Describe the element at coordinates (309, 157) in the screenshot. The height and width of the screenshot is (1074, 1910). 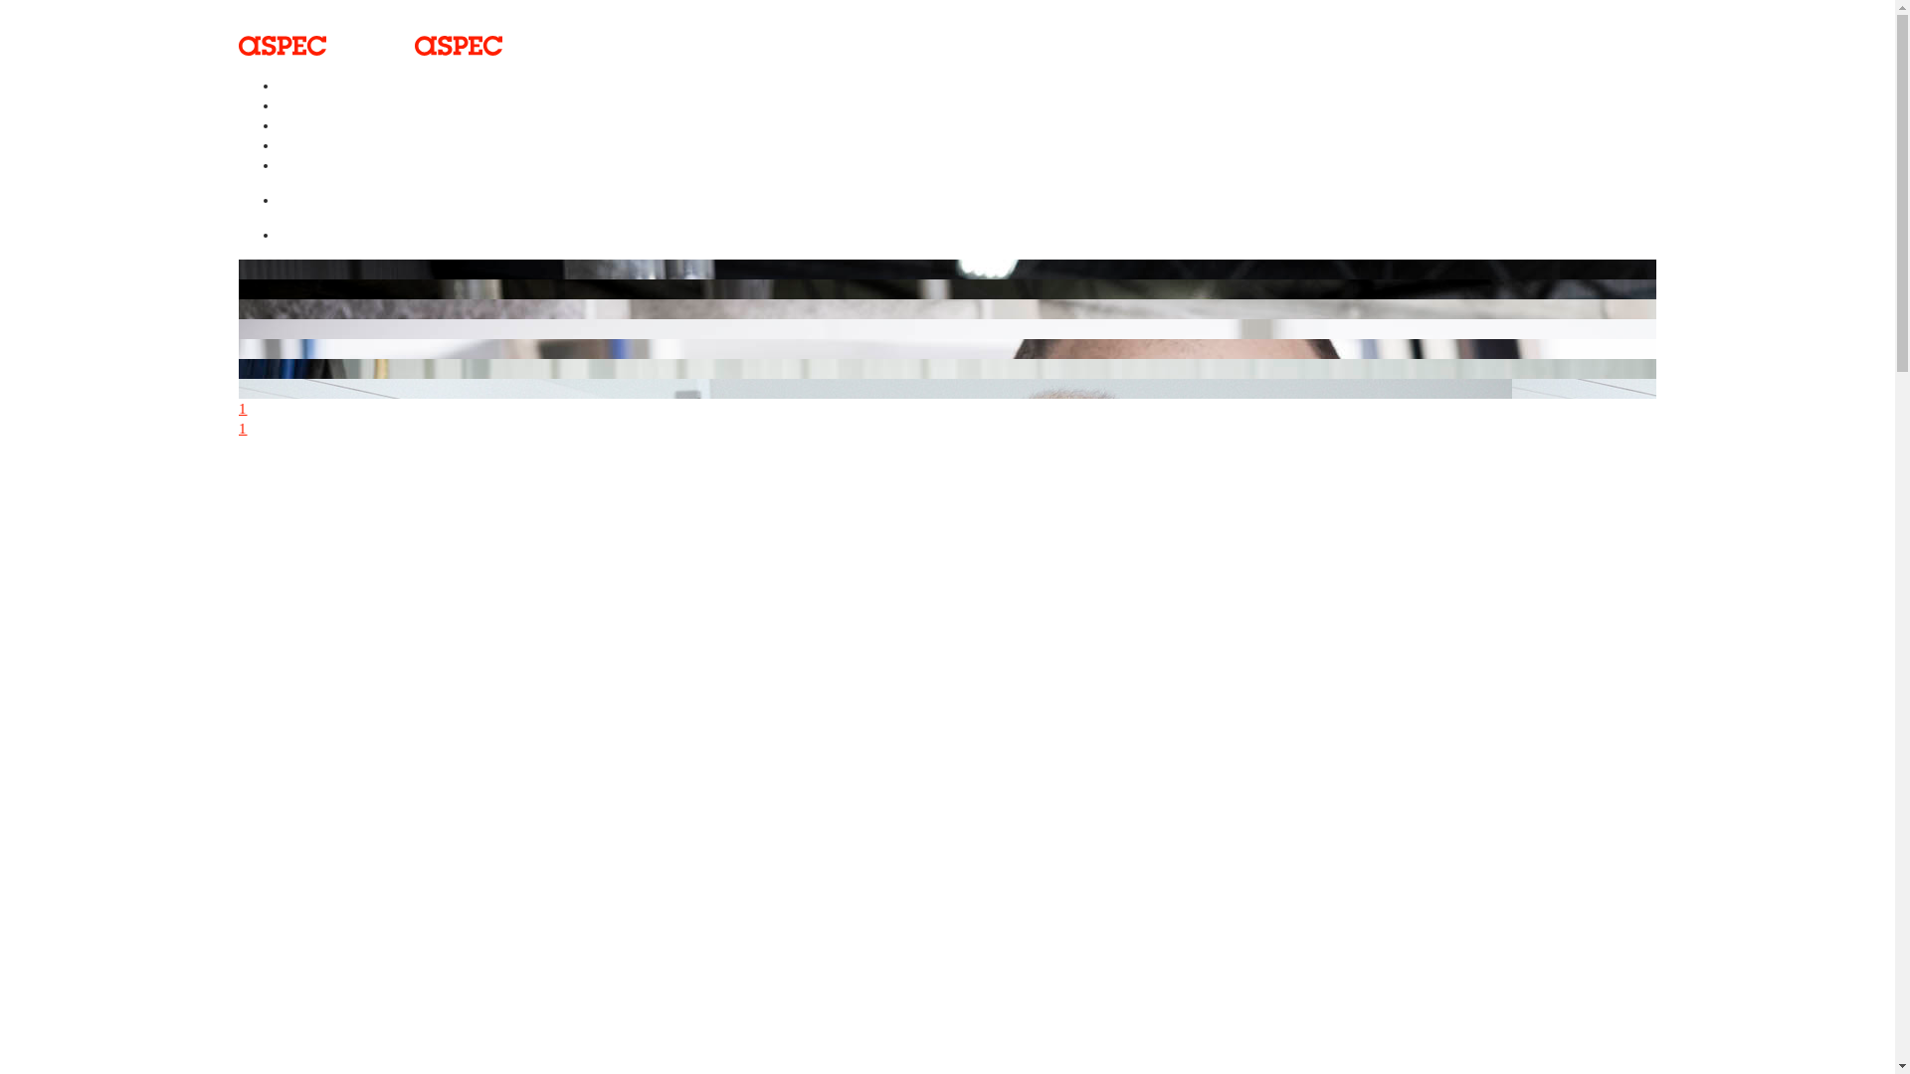
I see `'Career'` at that location.